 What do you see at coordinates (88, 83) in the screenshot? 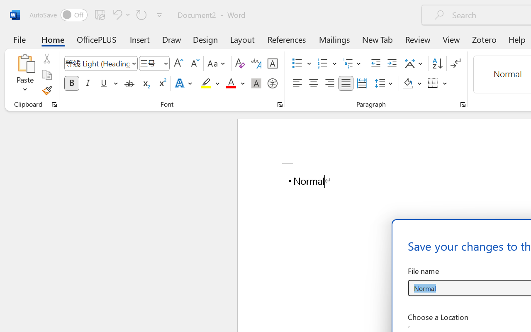
I see `'Italic'` at bounding box center [88, 83].